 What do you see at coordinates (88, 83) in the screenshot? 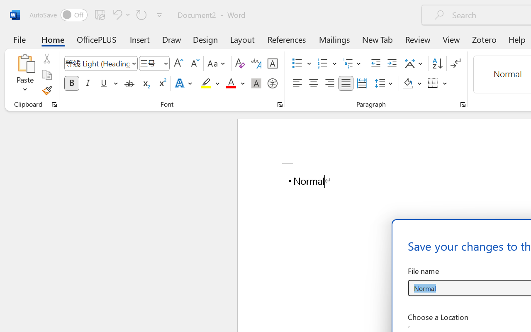
I see `'Italic'` at bounding box center [88, 83].